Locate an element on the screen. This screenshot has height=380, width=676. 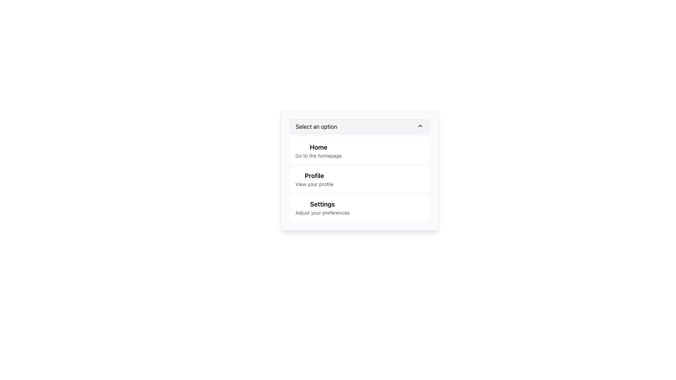
the Text Label indicating the current selection status for the dropdown menu, which is aligned with the static text label 'Select an option' is located at coordinates (316, 126).